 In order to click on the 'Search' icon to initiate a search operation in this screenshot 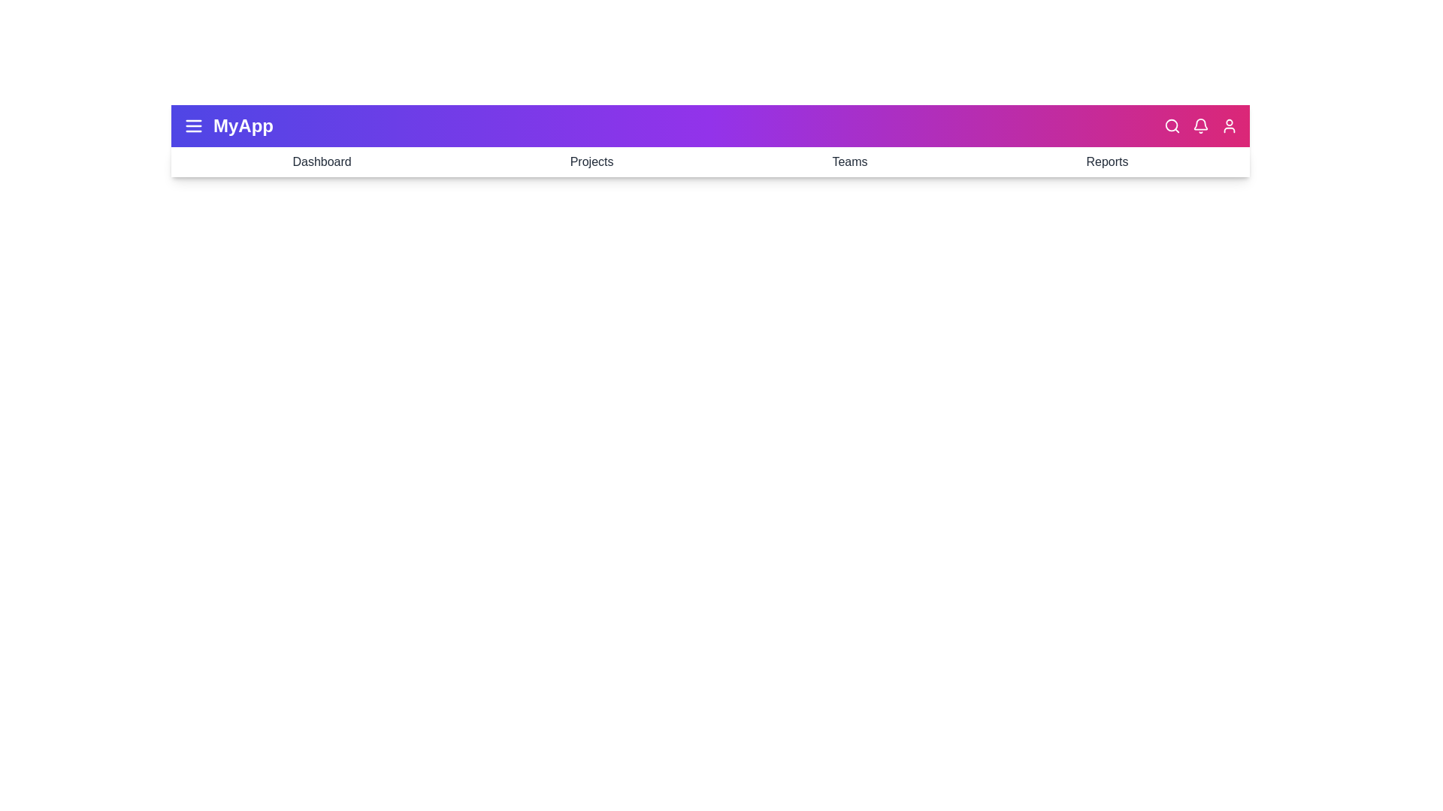, I will do `click(1172, 125)`.